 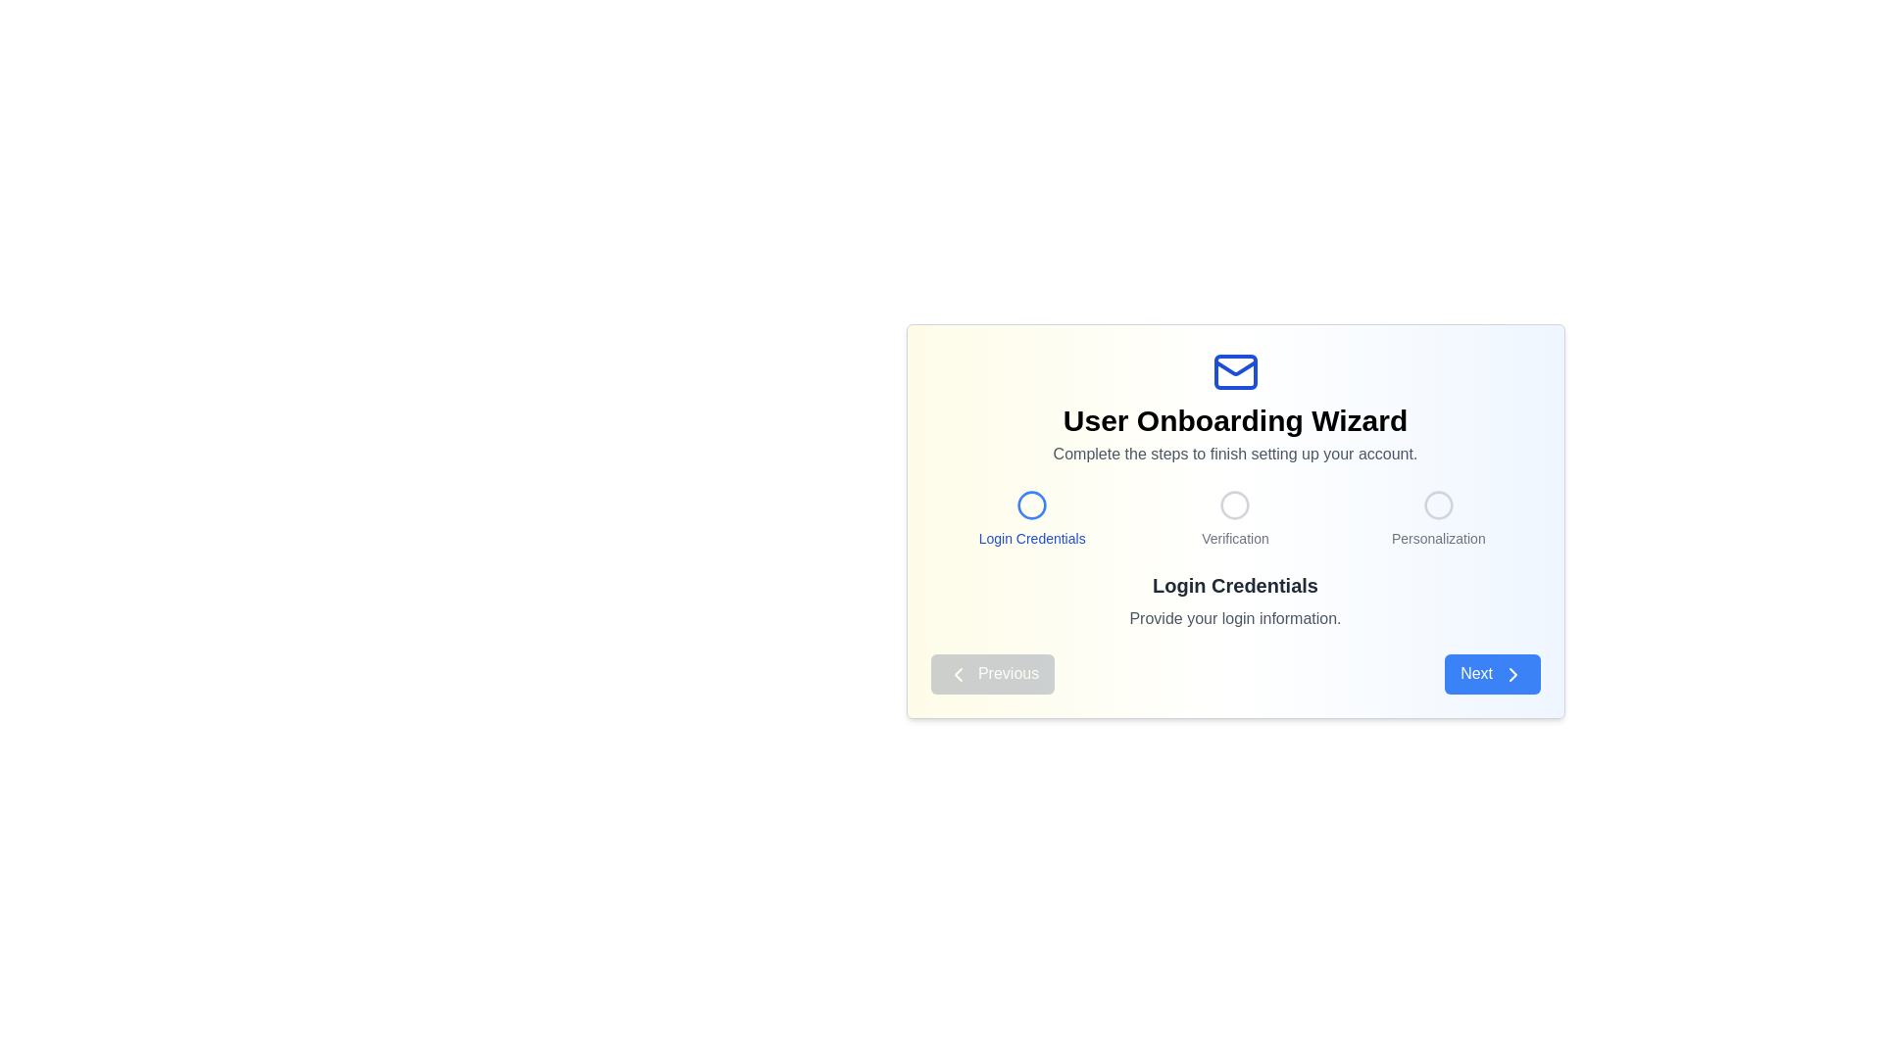 I want to click on the status of the second Step indicator circle in the multi-step wizard interface, which is styled with a gray border and a white background, so click(x=1234, y=505).